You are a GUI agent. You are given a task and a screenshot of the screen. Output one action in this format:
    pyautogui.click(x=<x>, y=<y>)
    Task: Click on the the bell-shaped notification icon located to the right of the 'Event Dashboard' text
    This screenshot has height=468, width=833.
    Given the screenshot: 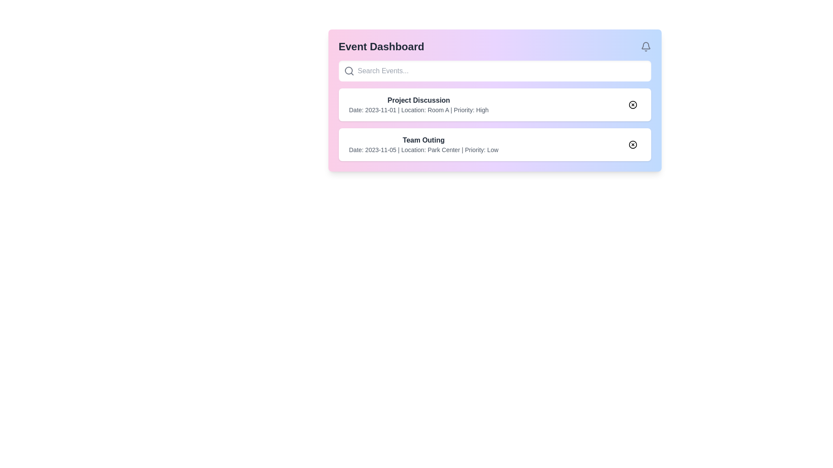 What is the action you would take?
    pyautogui.click(x=646, y=47)
    